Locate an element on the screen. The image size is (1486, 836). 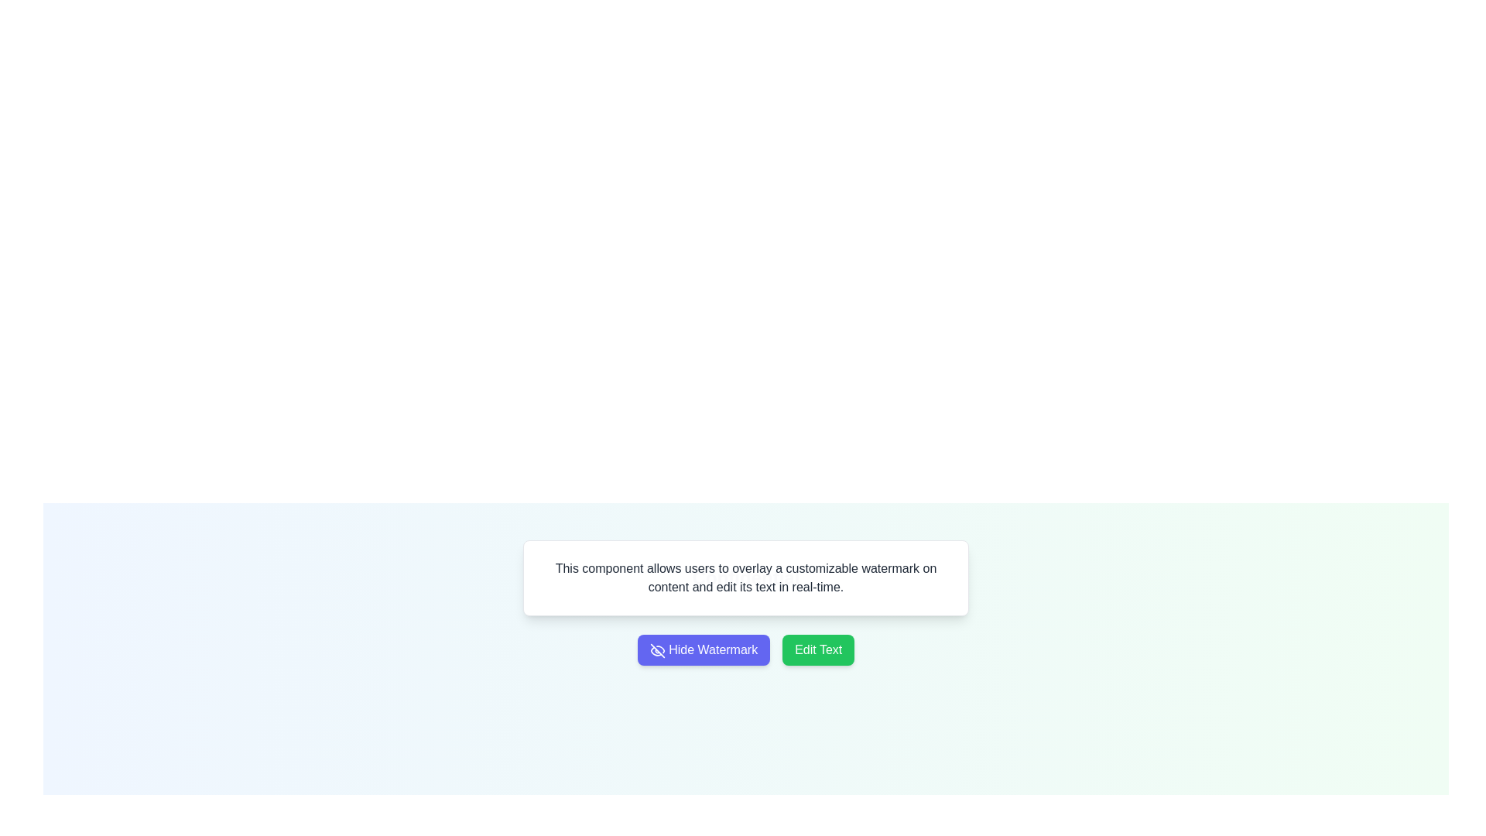
the 'Edit Text' button located to the right of the 'Hide Watermark' button, which allows the user to modify the text content is located at coordinates (817, 650).